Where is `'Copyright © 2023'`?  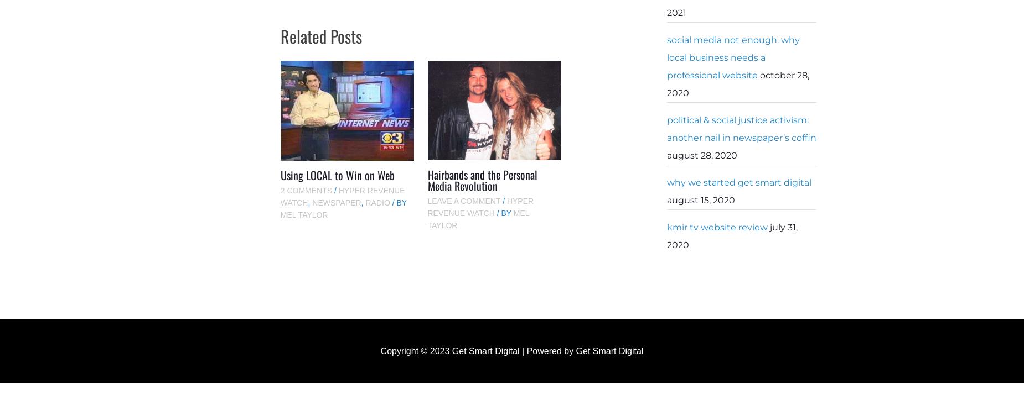 'Copyright © 2023' is located at coordinates (416, 350).